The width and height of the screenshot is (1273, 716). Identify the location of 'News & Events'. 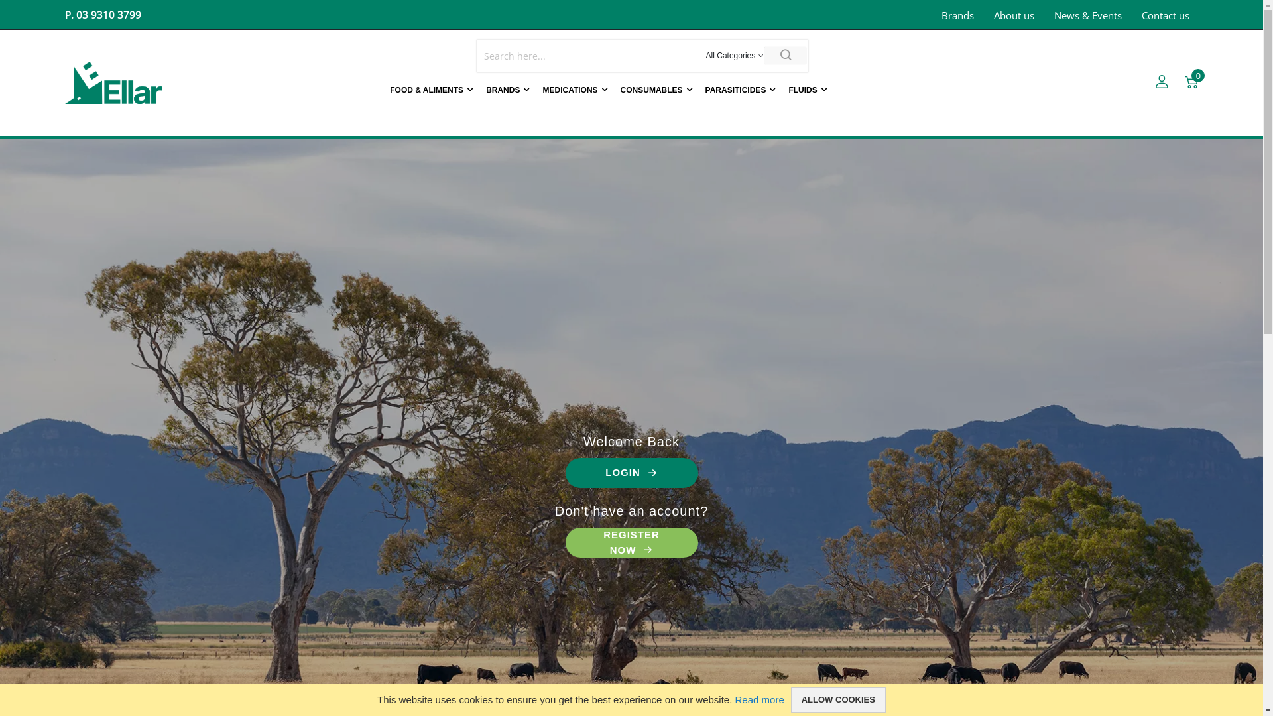
(1088, 15).